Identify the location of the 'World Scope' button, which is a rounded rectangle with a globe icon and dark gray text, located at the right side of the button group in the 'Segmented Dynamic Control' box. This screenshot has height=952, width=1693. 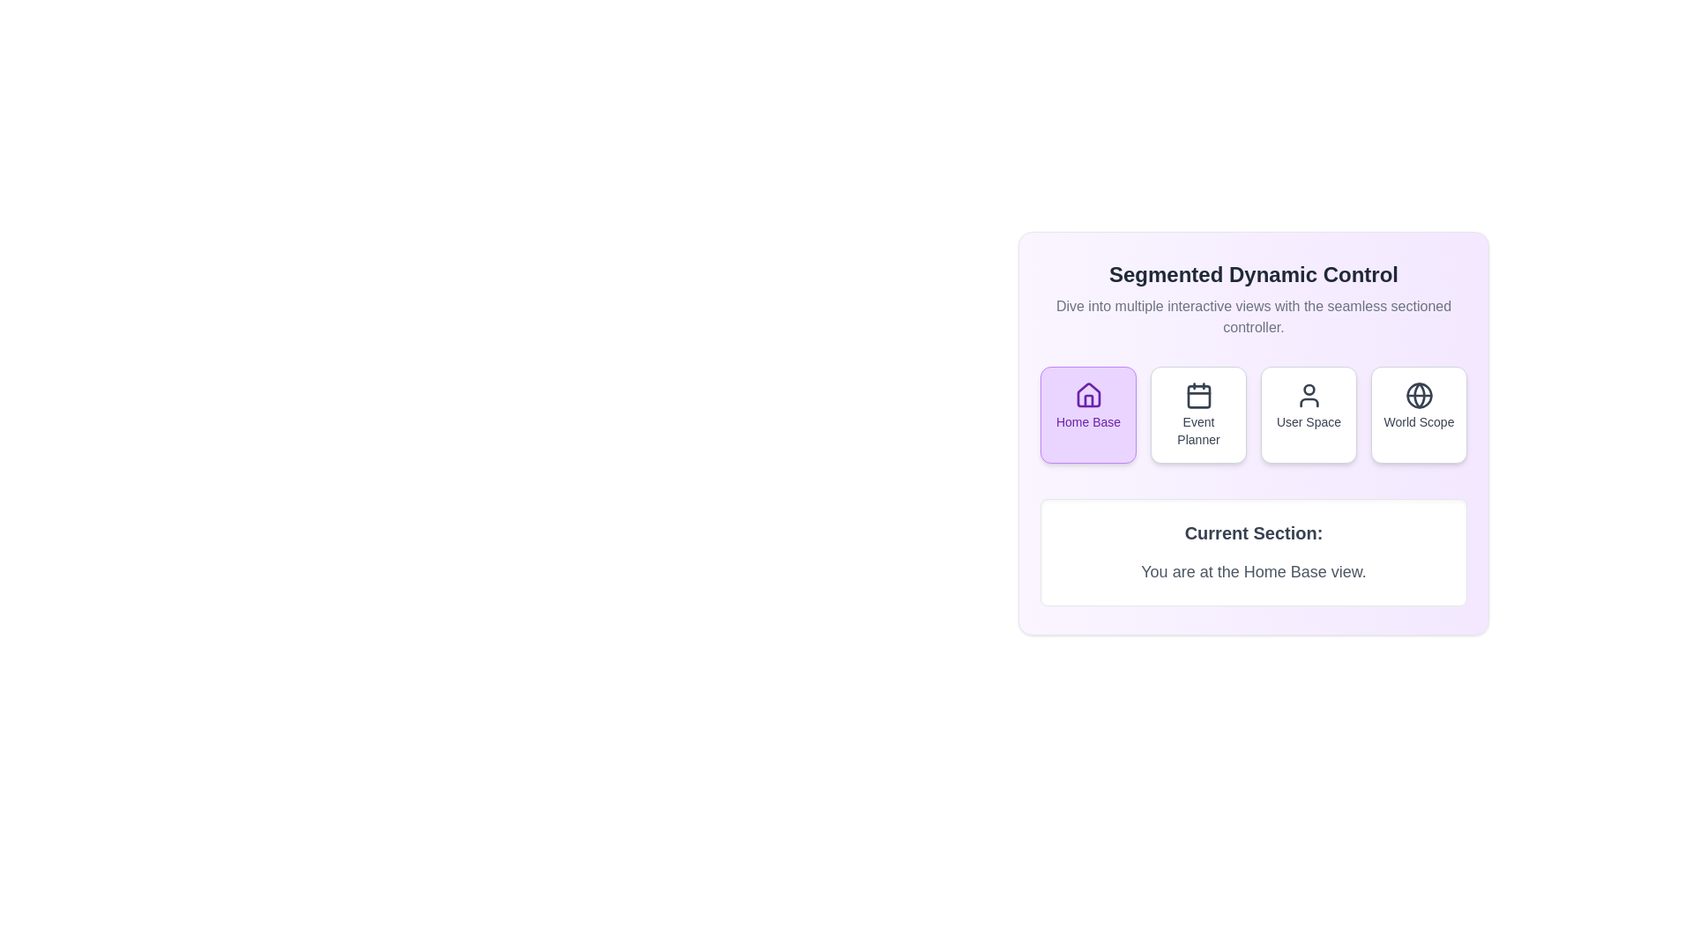
(1419, 414).